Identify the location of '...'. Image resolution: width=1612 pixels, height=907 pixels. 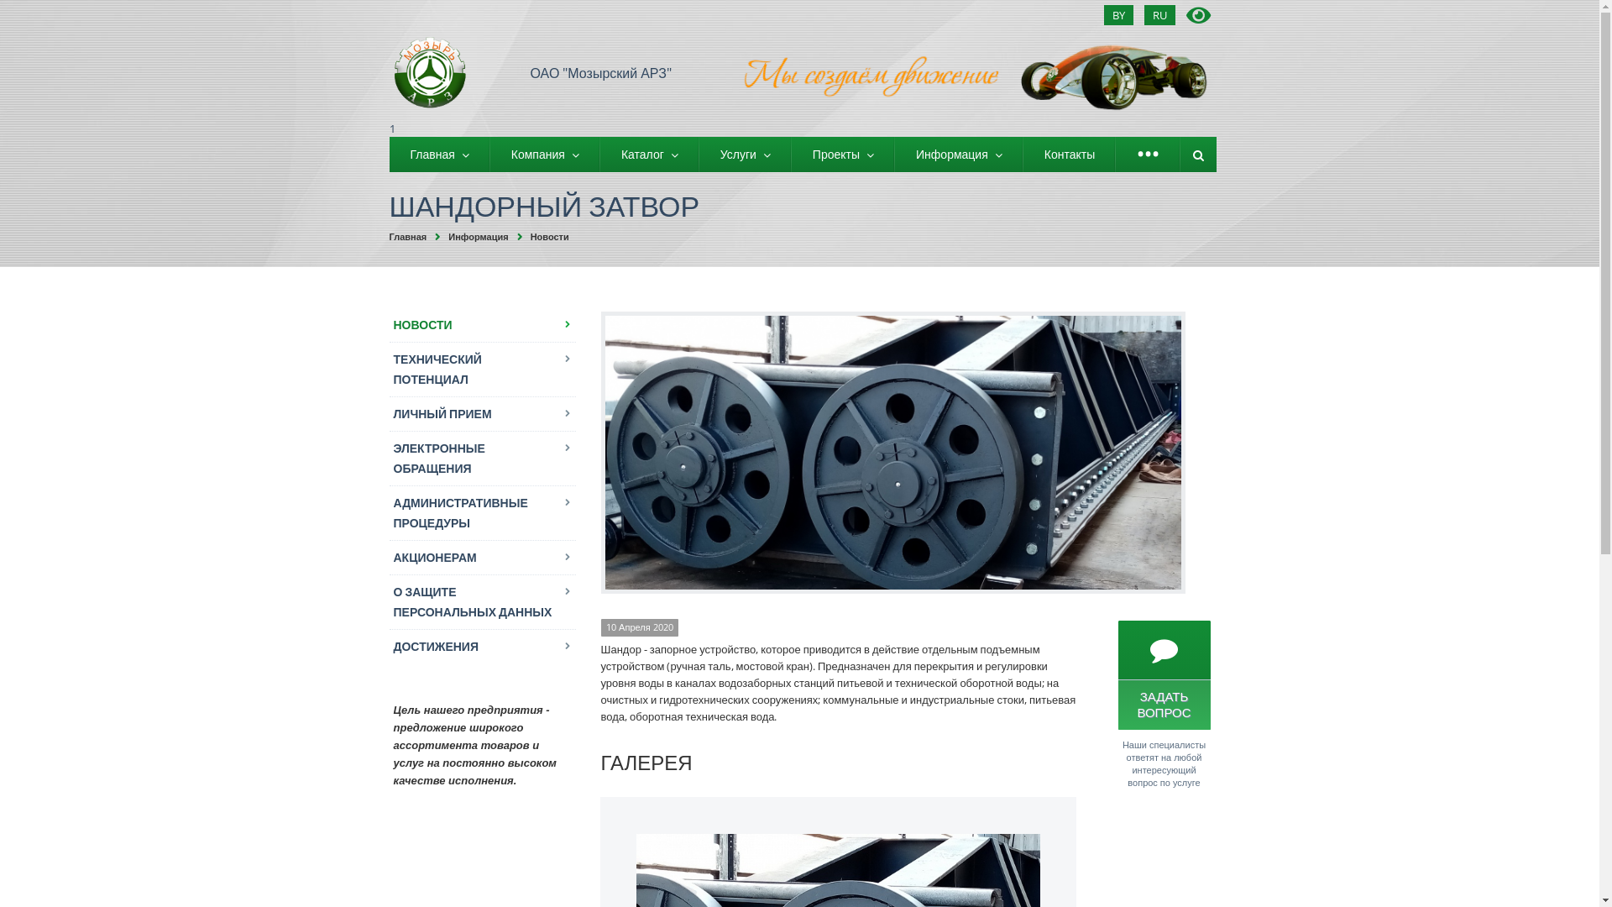
(1147, 155).